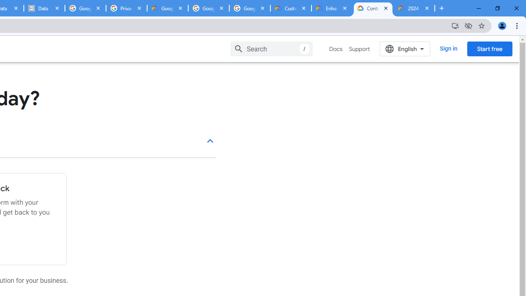 The image size is (526, 296). What do you see at coordinates (359, 49) in the screenshot?
I see `'Support'` at bounding box center [359, 49].